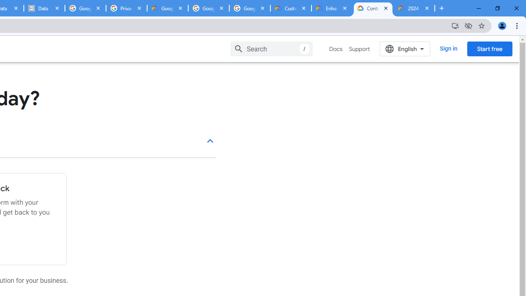 The image size is (526, 296). What do you see at coordinates (359, 49) in the screenshot?
I see `'Support'` at bounding box center [359, 49].